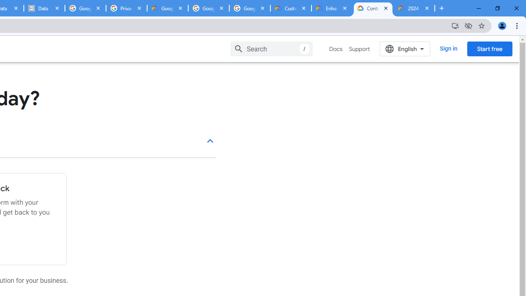 The image size is (526, 296). What do you see at coordinates (359, 49) in the screenshot?
I see `'Support'` at bounding box center [359, 49].